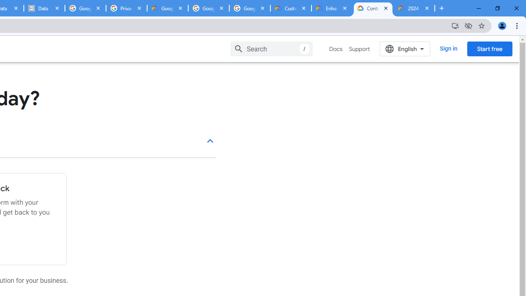 The image size is (526, 296). What do you see at coordinates (359, 49) in the screenshot?
I see `'Support'` at bounding box center [359, 49].